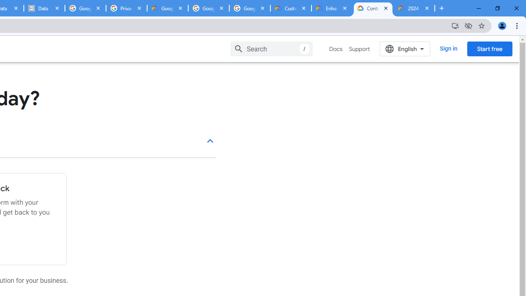 The image size is (526, 296). What do you see at coordinates (359, 49) in the screenshot?
I see `'Support'` at bounding box center [359, 49].